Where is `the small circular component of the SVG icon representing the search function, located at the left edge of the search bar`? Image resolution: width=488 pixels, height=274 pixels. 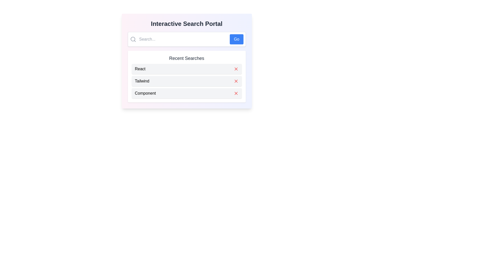 the small circular component of the SVG icon representing the search function, located at the left edge of the search bar is located at coordinates (133, 39).